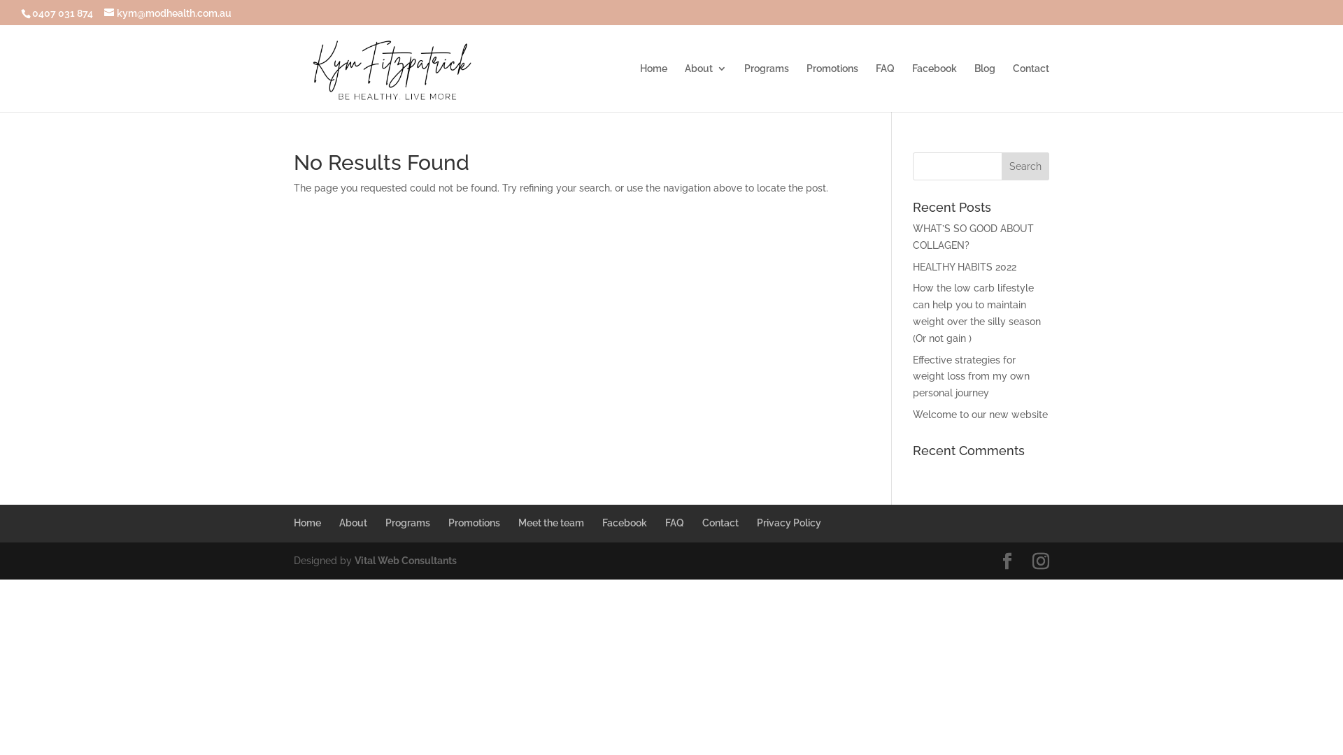 The width and height of the screenshot is (1343, 755). Describe the element at coordinates (765, 87) in the screenshot. I see `'Programs'` at that location.